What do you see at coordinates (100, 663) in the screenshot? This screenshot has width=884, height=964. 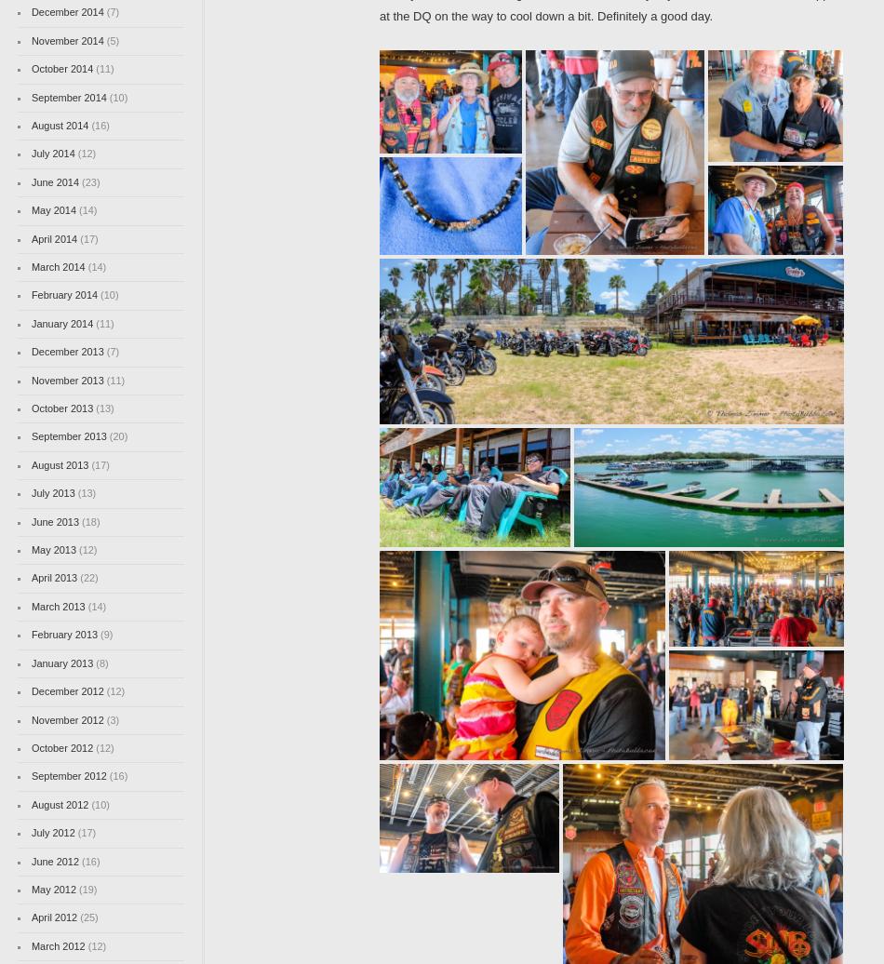 I see `'(8)'` at bounding box center [100, 663].